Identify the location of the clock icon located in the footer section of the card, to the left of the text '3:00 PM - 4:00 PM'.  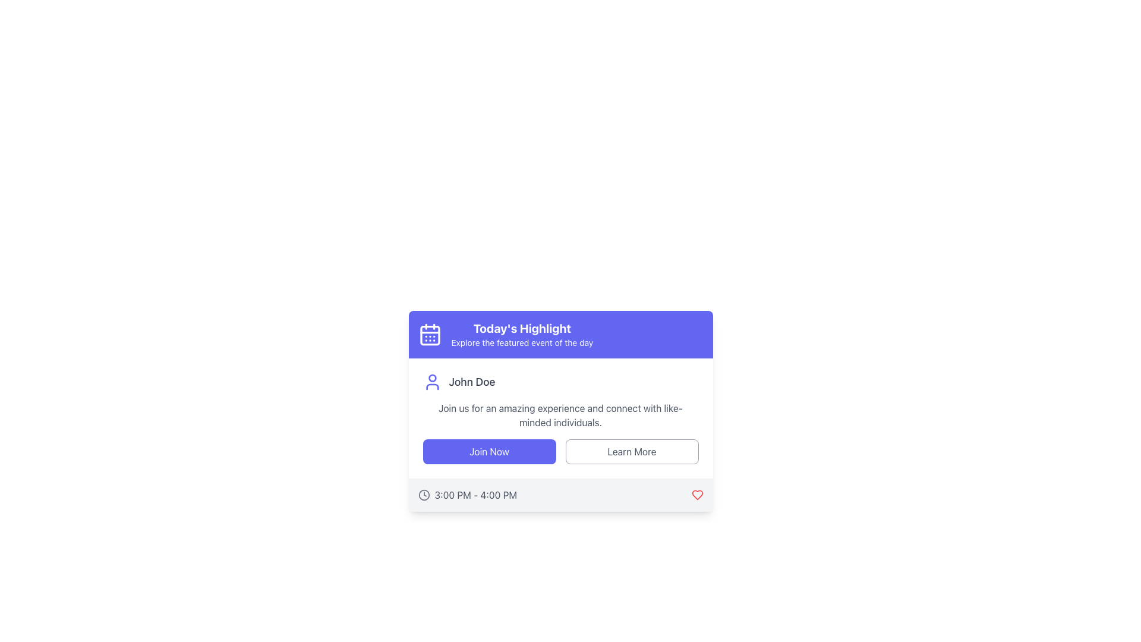
(424, 495).